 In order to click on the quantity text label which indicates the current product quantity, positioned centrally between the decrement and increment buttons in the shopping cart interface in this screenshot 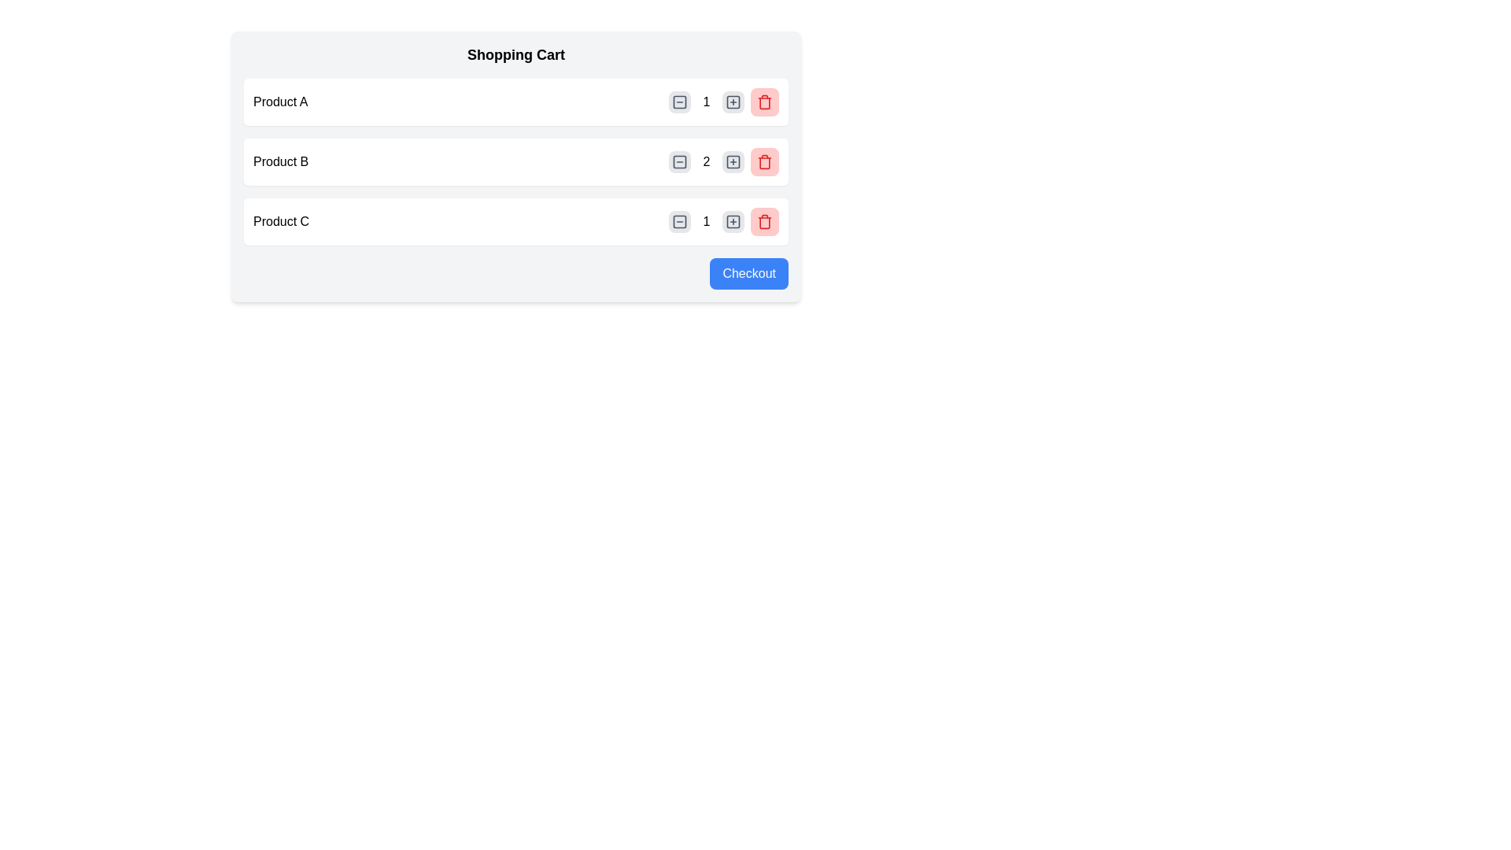, I will do `click(705, 102)`.